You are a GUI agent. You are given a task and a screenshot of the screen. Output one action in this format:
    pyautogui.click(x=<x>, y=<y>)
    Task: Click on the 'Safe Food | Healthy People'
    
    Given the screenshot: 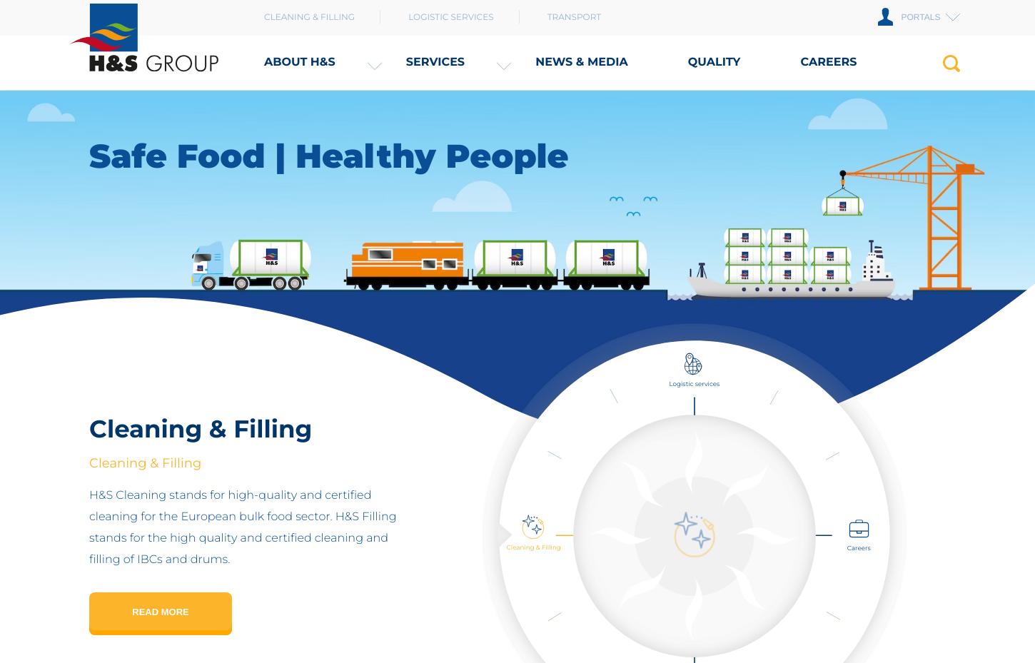 What is the action you would take?
    pyautogui.click(x=328, y=154)
    